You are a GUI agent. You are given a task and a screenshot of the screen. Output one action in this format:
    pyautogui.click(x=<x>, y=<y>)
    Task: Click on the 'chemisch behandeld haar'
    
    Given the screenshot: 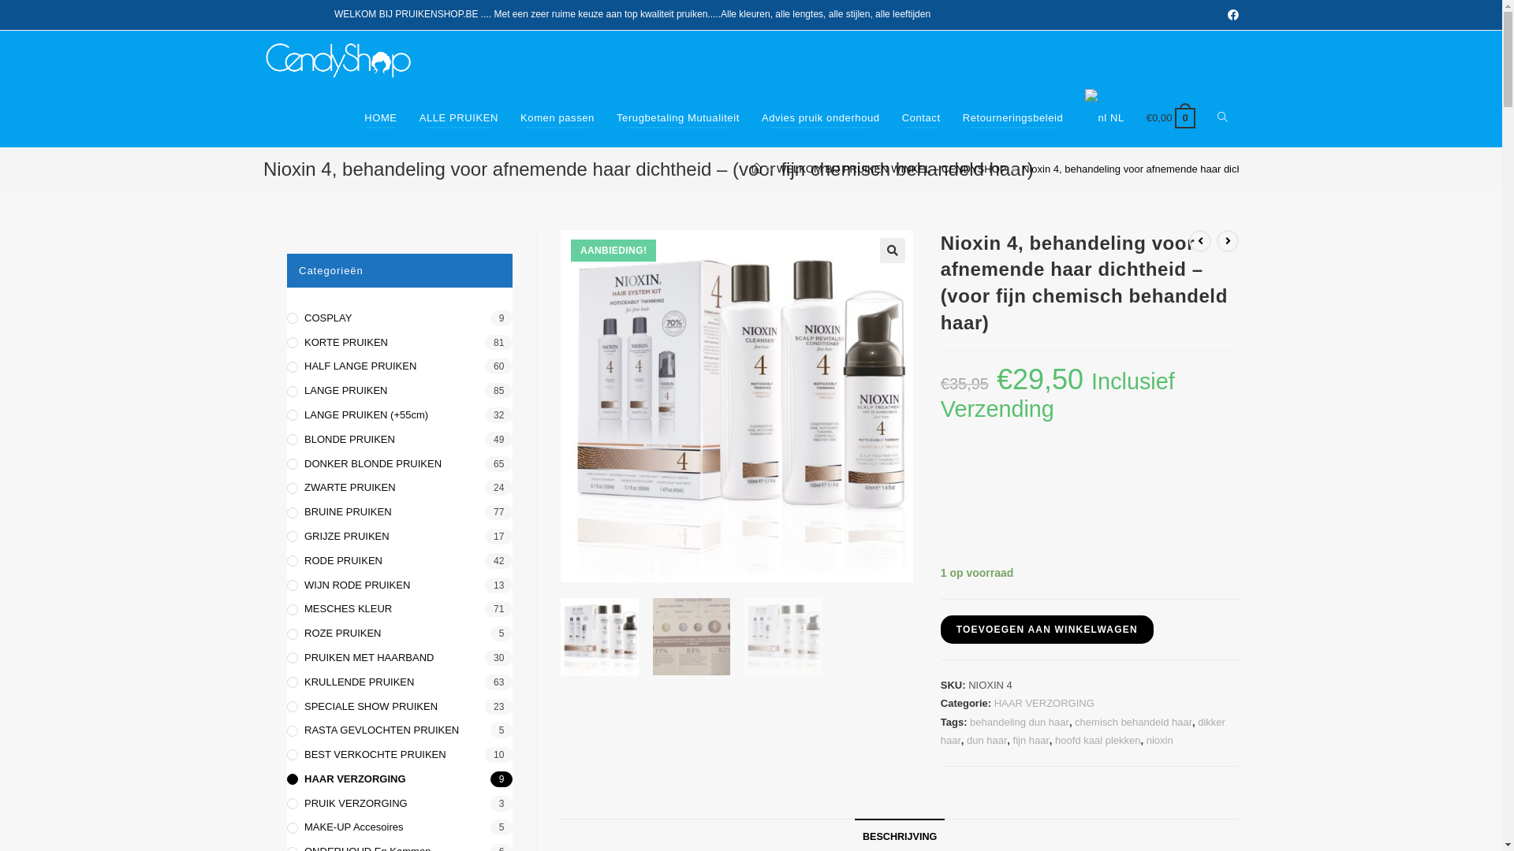 What is the action you would take?
    pyautogui.click(x=1132, y=722)
    